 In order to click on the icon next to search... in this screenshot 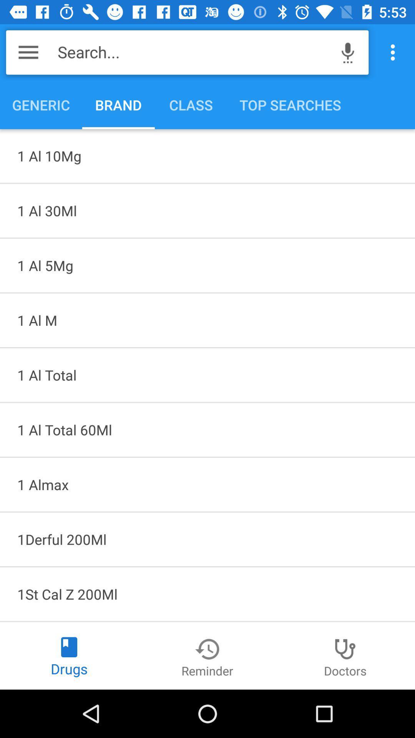, I will do `click(348, 52)`.